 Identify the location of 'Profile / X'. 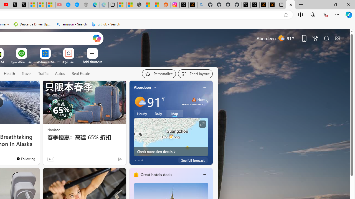
(246, 5).